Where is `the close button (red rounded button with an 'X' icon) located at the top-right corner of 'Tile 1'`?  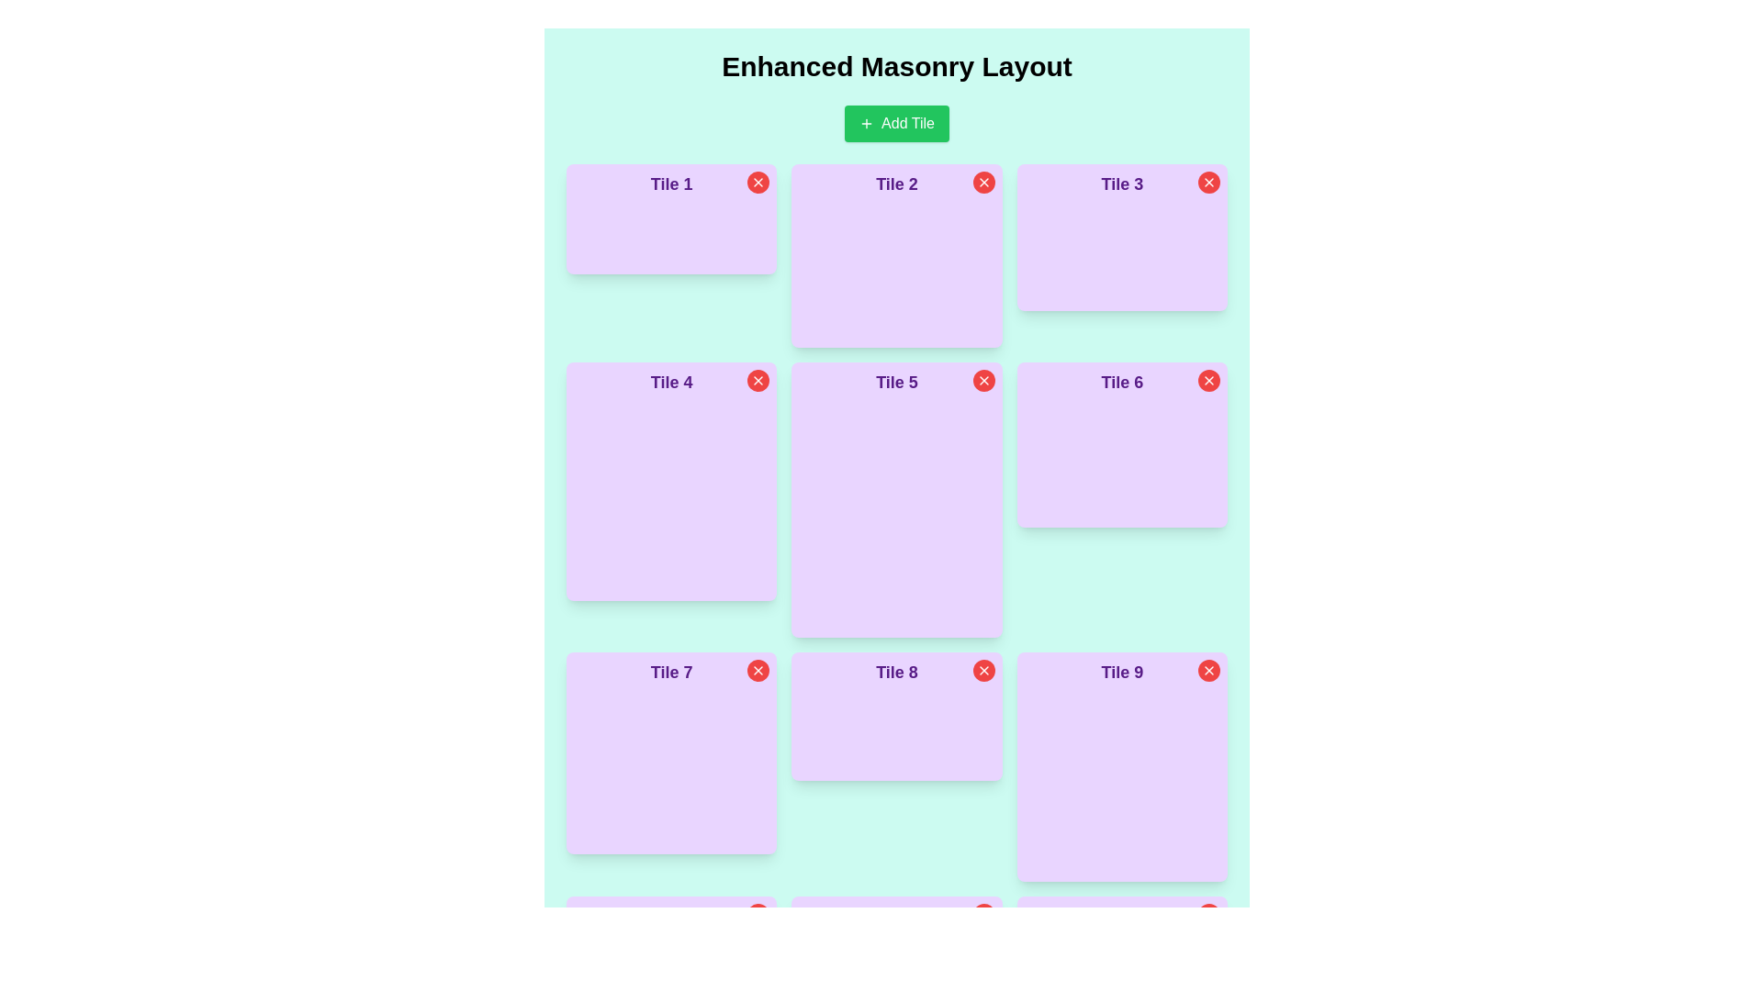
the close button (red rounded button with an 'X' icon) located at the top-right corner of 'Tile 1' is located at coordinates (758, 183).